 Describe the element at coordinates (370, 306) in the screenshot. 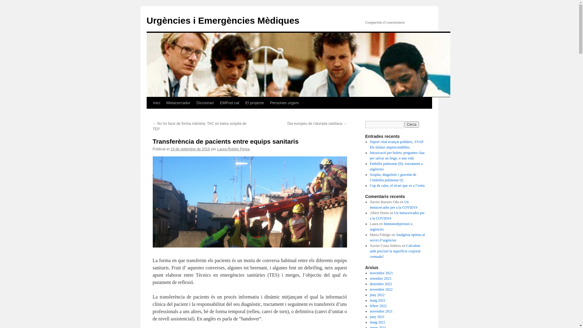

I see `'febrer 2022'` at that location.